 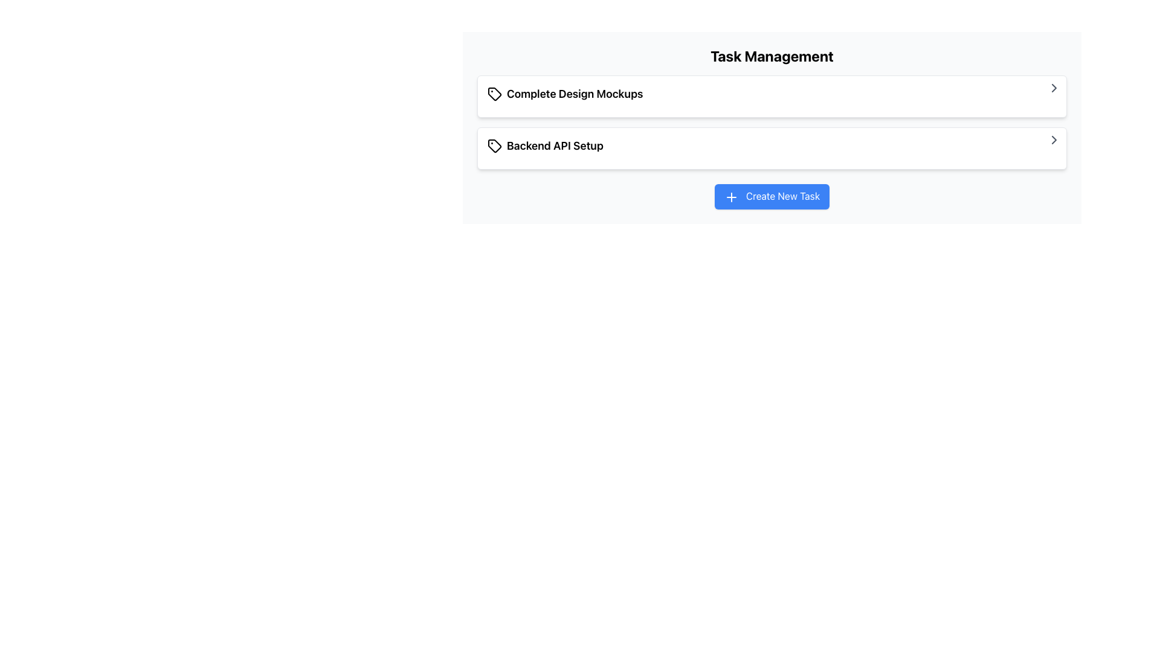 I want to click on the icon located to the left of the 'Create New Task' button, so click(x=730, y=196).